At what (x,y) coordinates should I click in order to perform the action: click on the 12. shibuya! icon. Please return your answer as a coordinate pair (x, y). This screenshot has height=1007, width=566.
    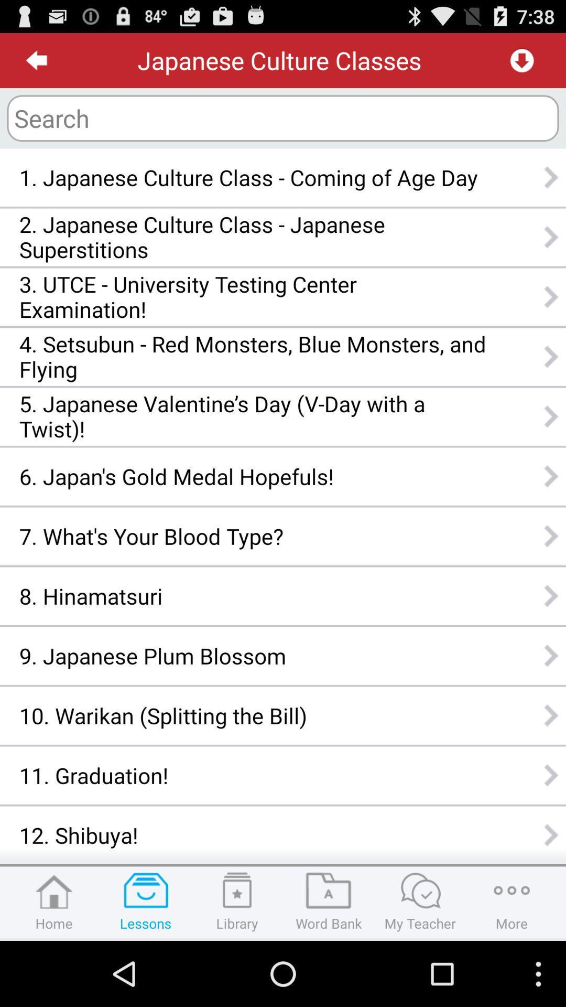
    Looking at the image, I should click on (253, 834).